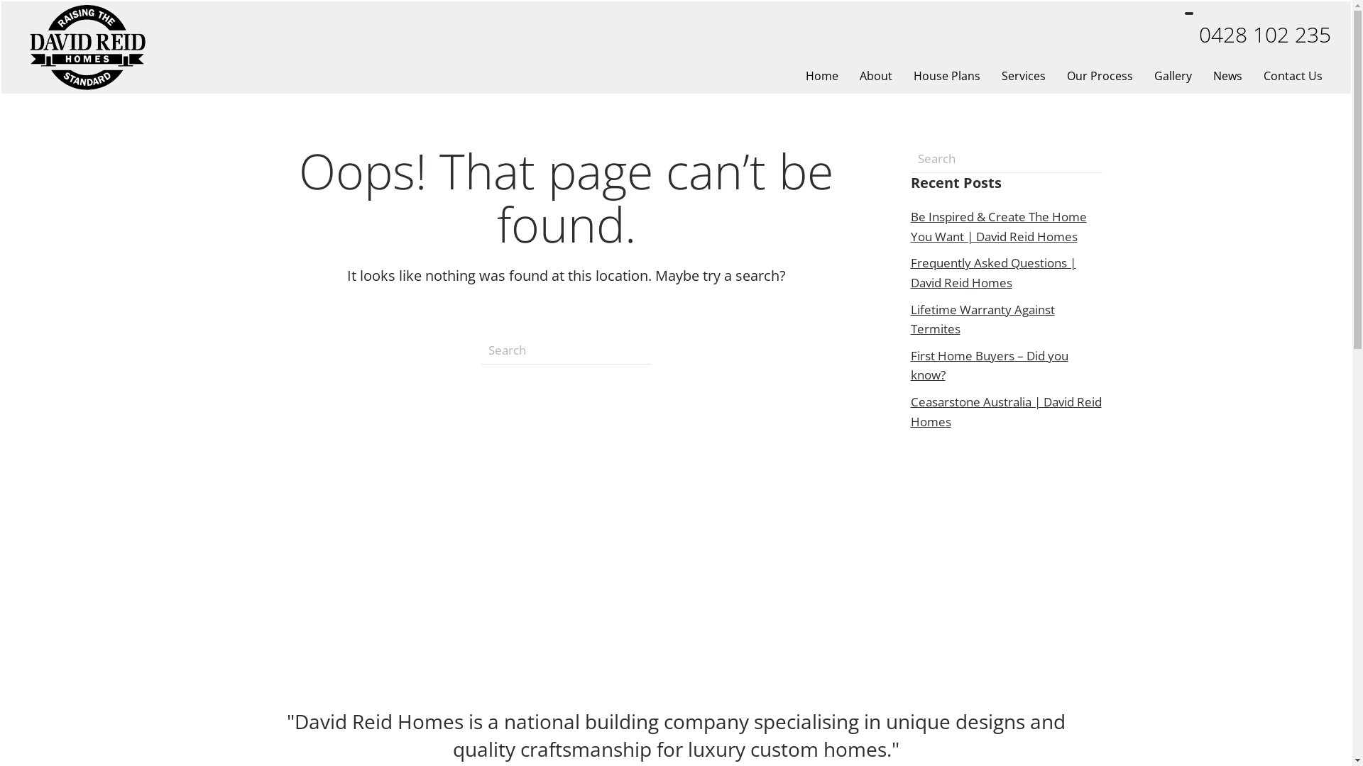 The image size is (1363, 766). I want to click on 'Frequently Asked Questions | David Reid Homes', so click(992, 272).